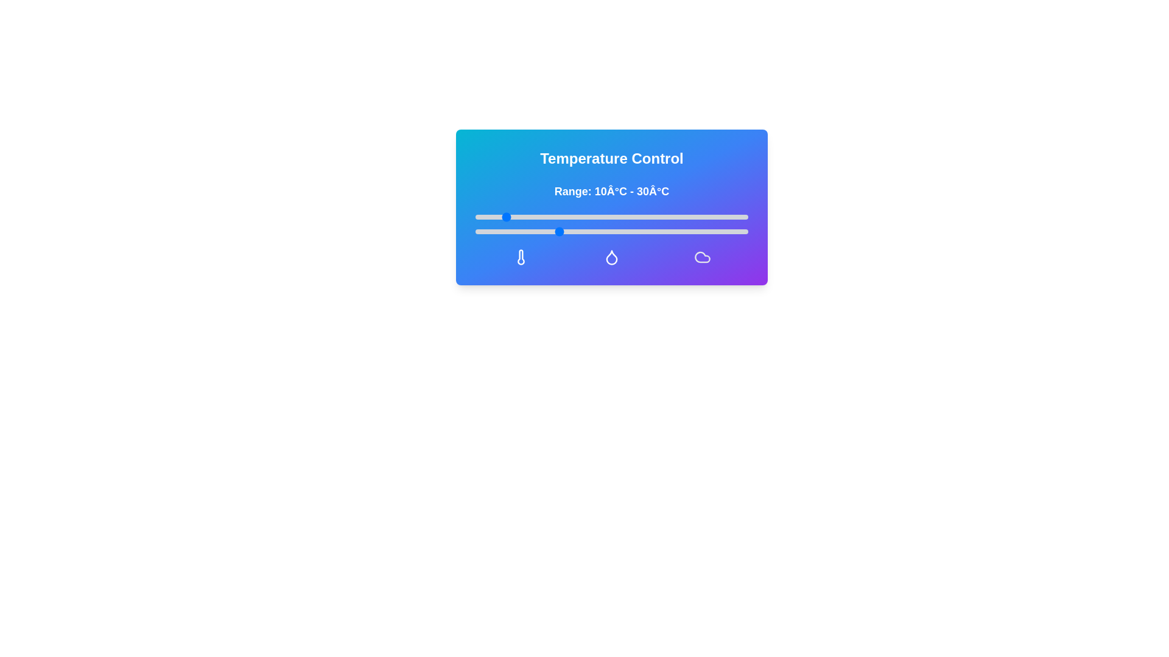  I want to click on the droplet icon, which is the second icon from the left in a horizontal layout, positioned between a thermometer icon and a cloud icon, so click(611, 257).